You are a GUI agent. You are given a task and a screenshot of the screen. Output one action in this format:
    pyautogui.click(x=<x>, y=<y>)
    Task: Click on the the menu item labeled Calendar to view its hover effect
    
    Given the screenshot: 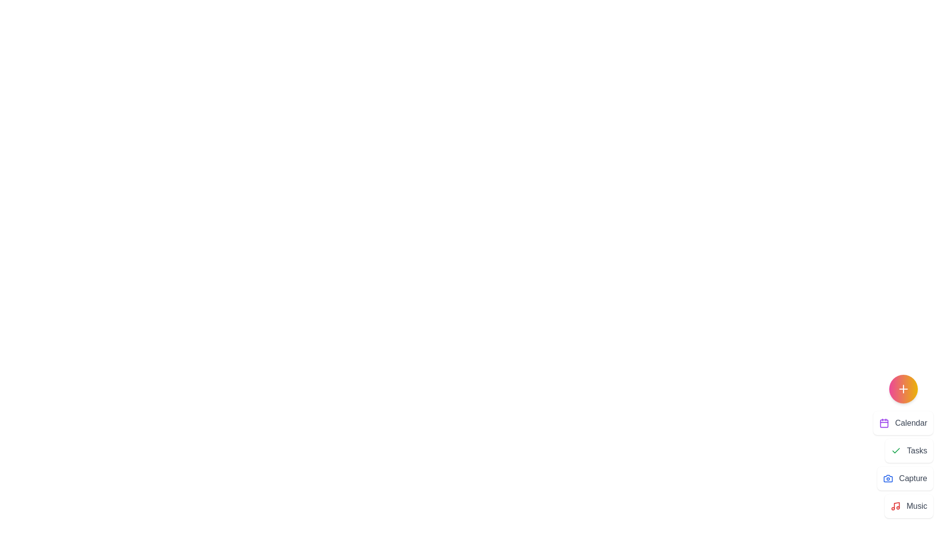 What is the action you would take?
    pyautogui.click(x=903, y=423)
    